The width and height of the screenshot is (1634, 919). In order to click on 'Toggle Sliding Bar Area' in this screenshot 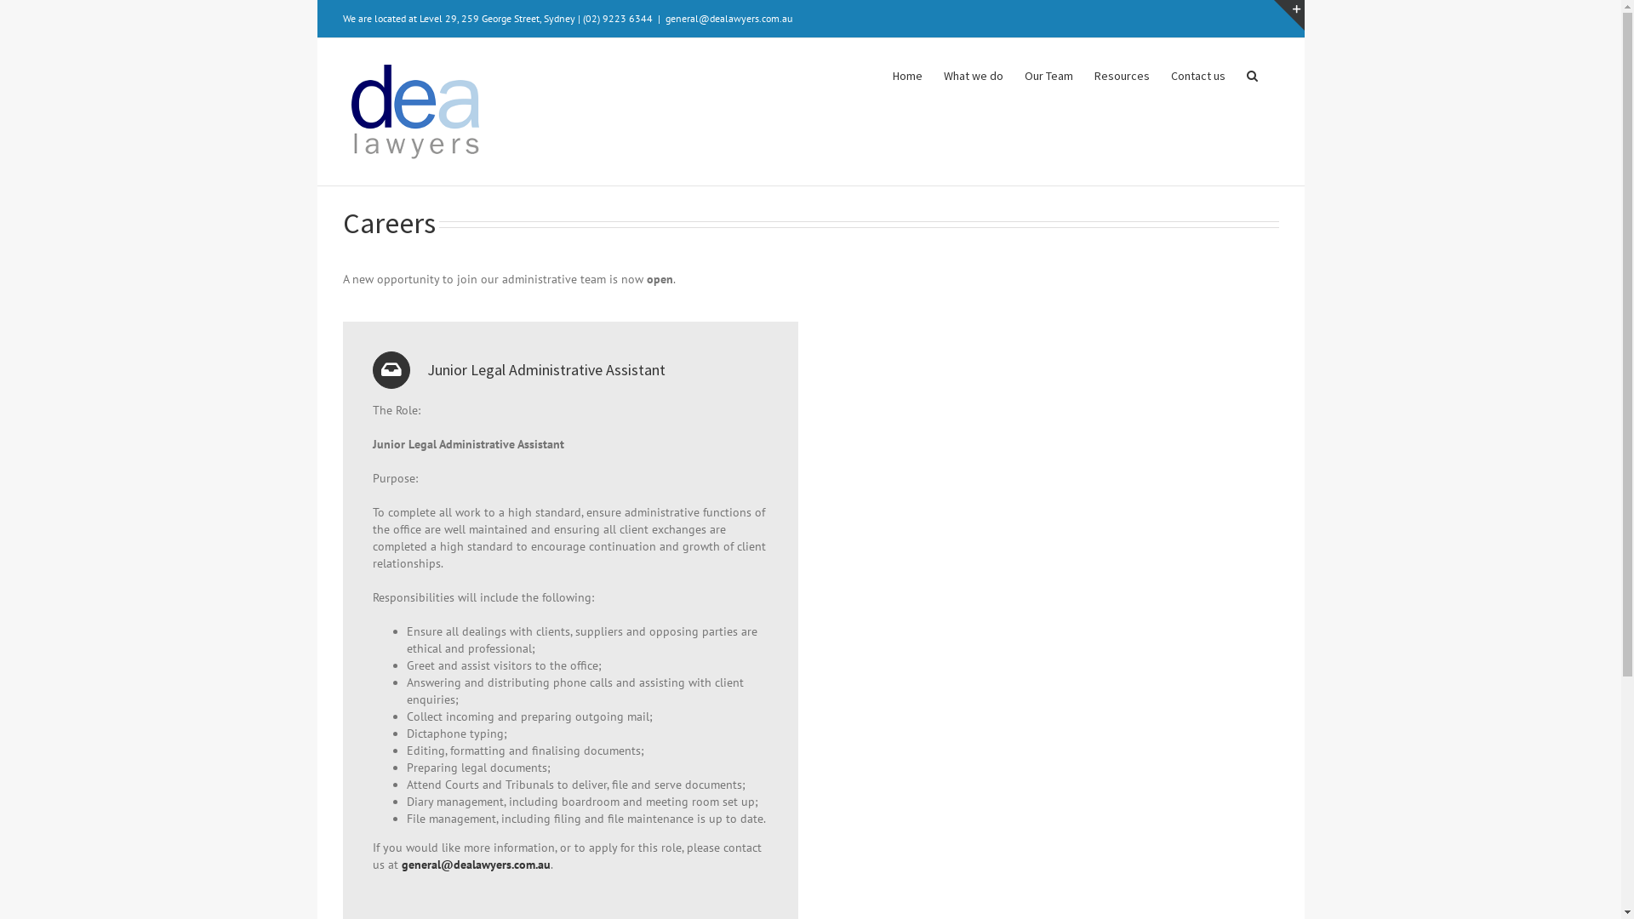, I will do `click(1288, 15)`.